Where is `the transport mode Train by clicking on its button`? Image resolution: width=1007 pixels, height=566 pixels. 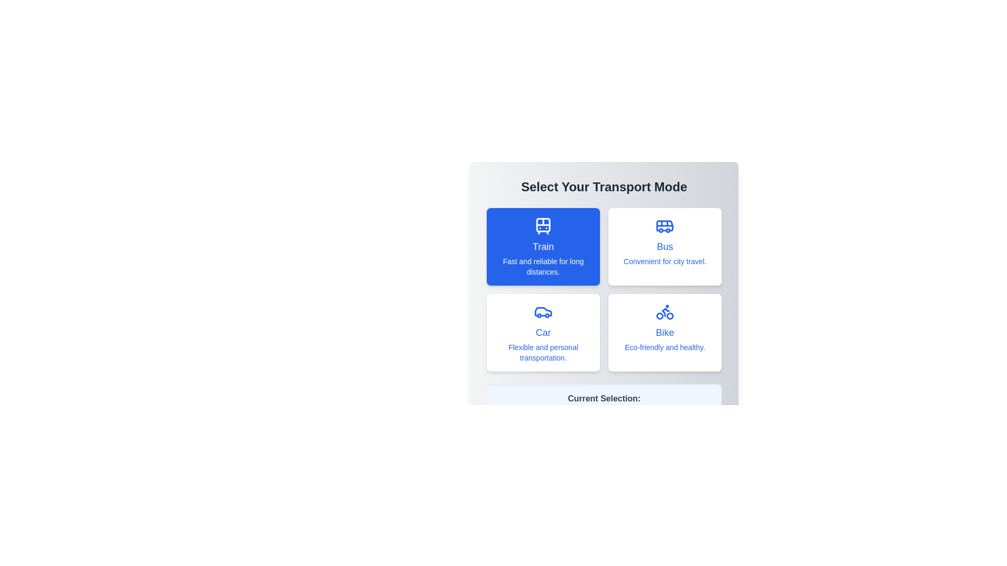 the transport mode Train by clicking on its button is located at coordinates (543, 246).